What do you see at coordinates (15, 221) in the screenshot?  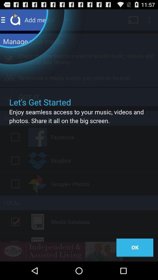 I see `open media database` at bounding box center [15, 221].